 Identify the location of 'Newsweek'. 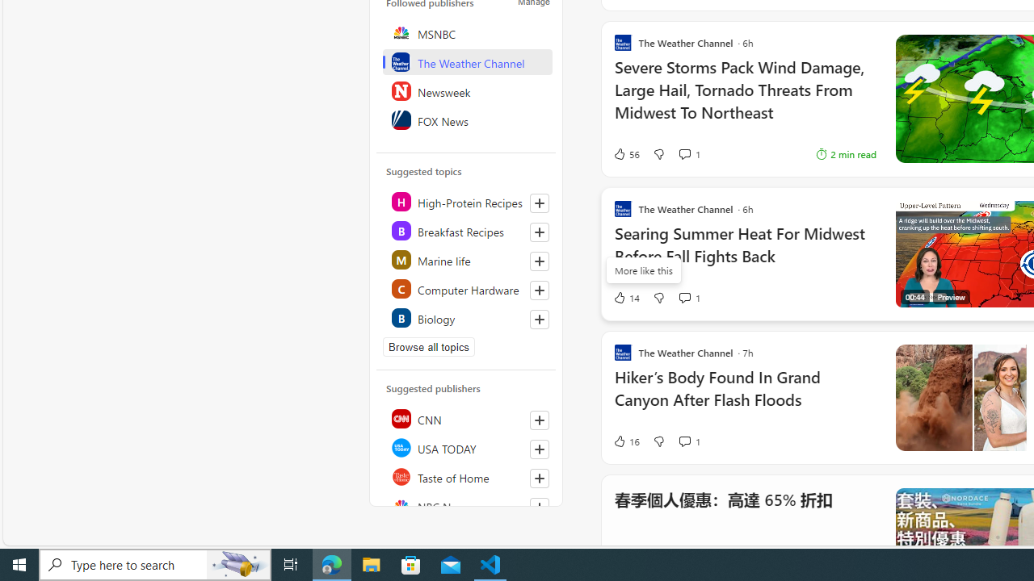
(466, 91).